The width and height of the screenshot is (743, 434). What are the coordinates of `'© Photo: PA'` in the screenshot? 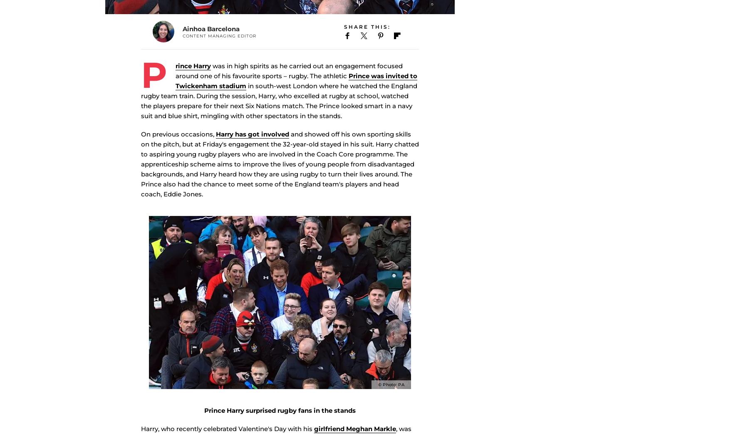 It's located at (391, 397).